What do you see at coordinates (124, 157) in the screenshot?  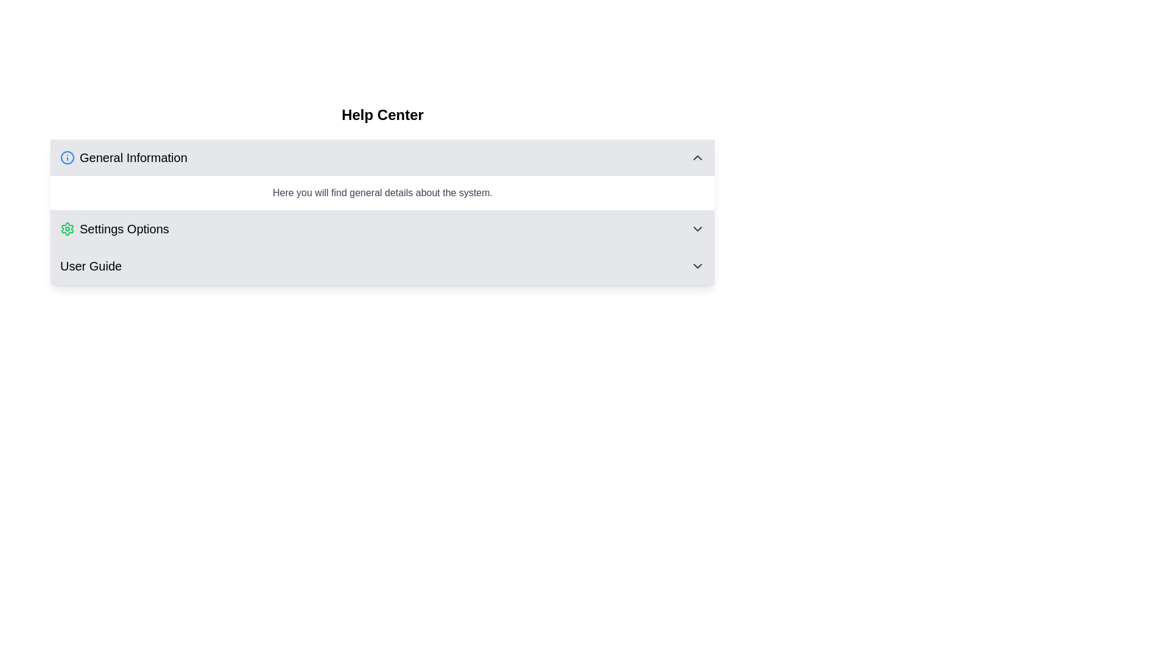 I see `the 'General Information' text label with the 'i' icon` at bounding box center [124, 157].